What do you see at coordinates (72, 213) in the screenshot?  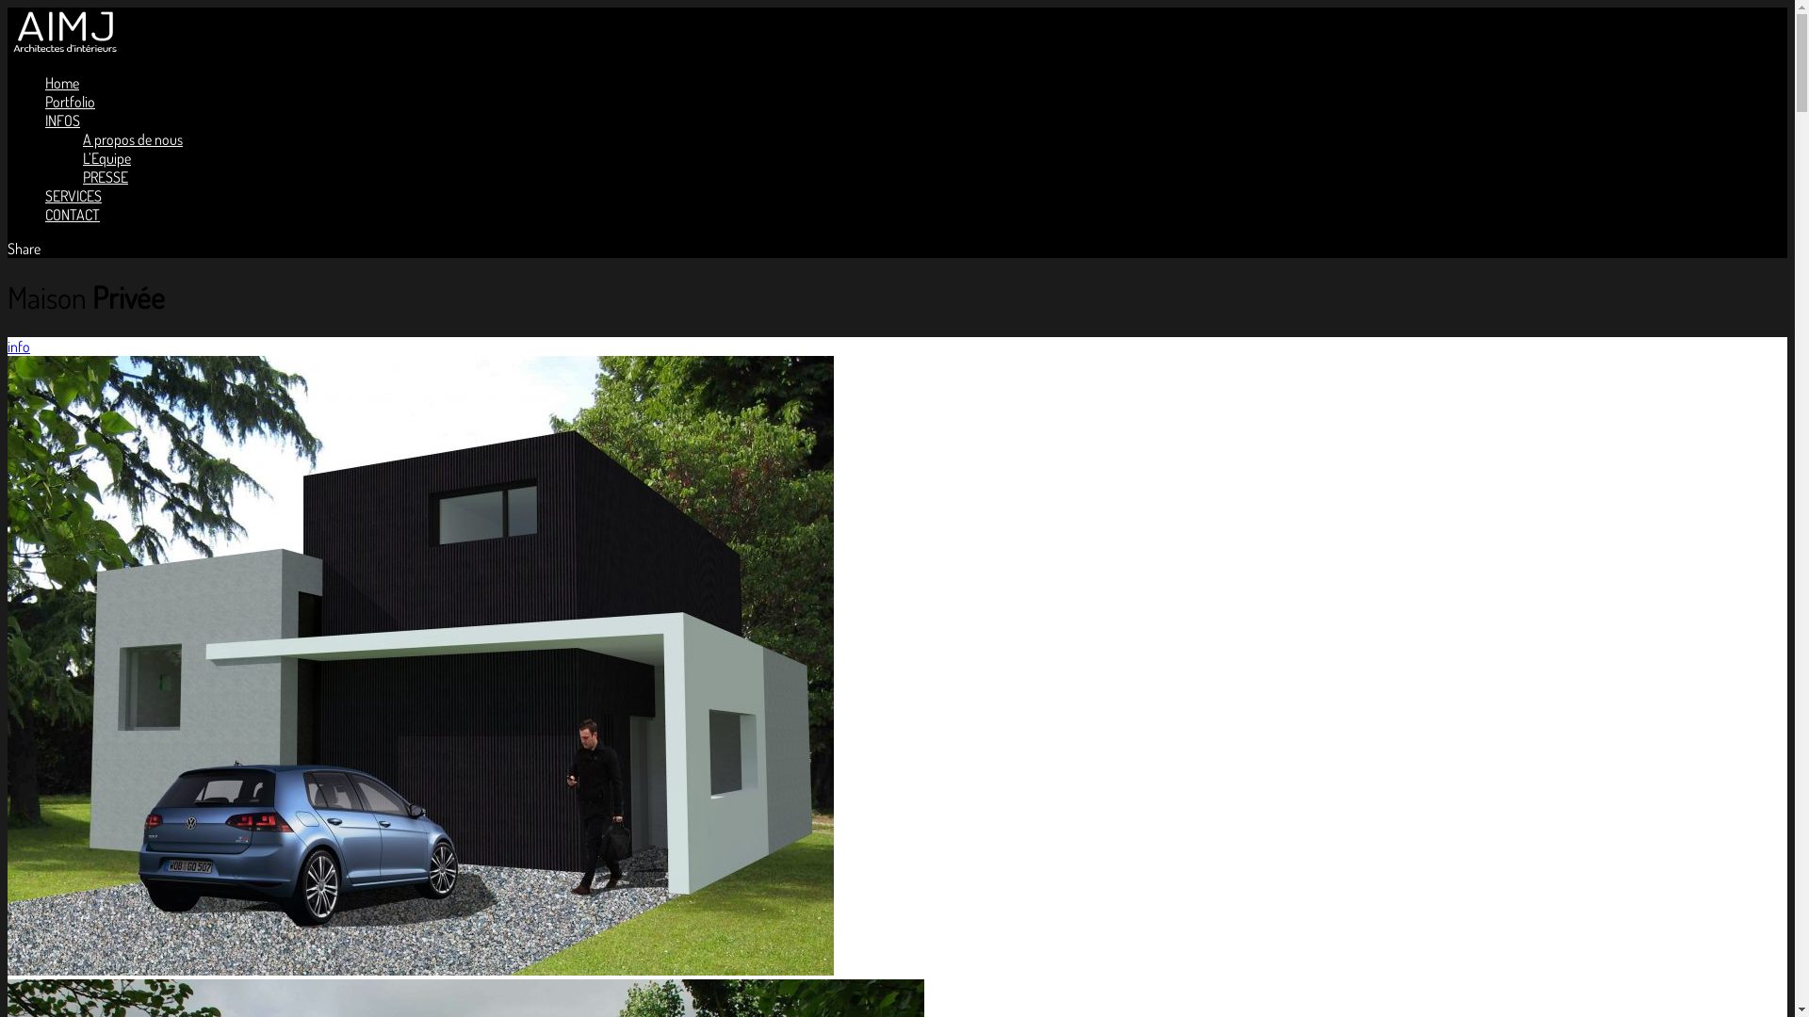 I see `'CONTACT'` at bounding box center [72, 213].